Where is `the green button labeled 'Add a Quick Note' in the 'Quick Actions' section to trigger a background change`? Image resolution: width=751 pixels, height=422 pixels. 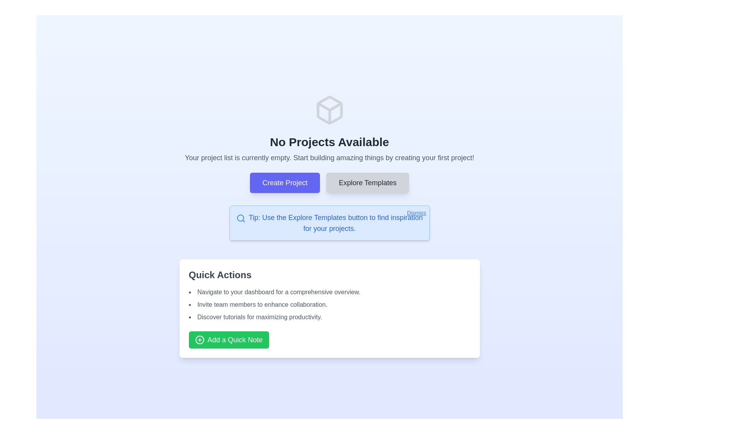 the green button labeled 'Add a Quick Note' in the 'Quick Actions' section to trigger a background change is located at coordinates (329, 308).